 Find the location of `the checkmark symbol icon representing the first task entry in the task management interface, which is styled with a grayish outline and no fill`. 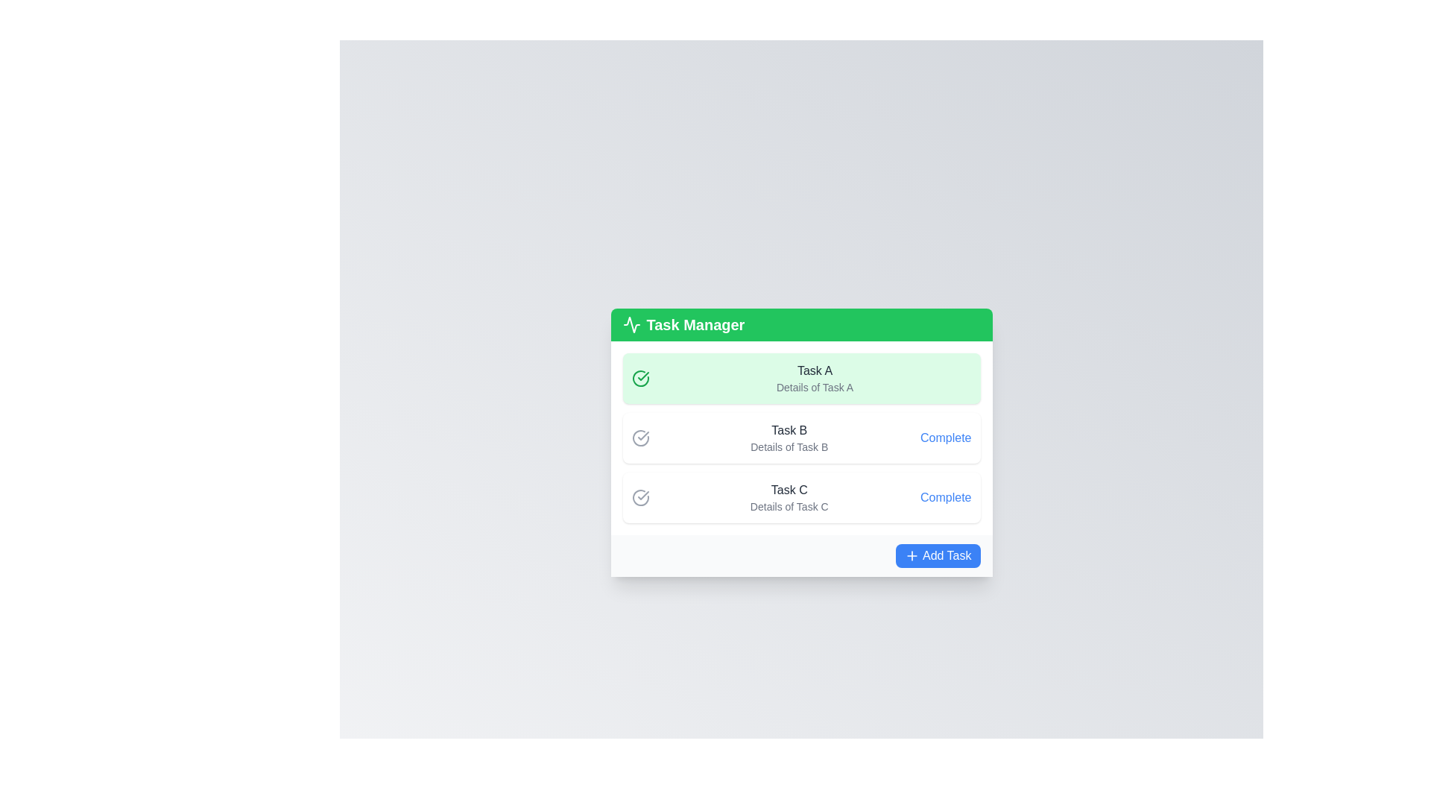

the checkmark symbol icon representing the first task entry in the task management interface, which is styled with a grayish outline and no fill is located at coordinates (643, 495).